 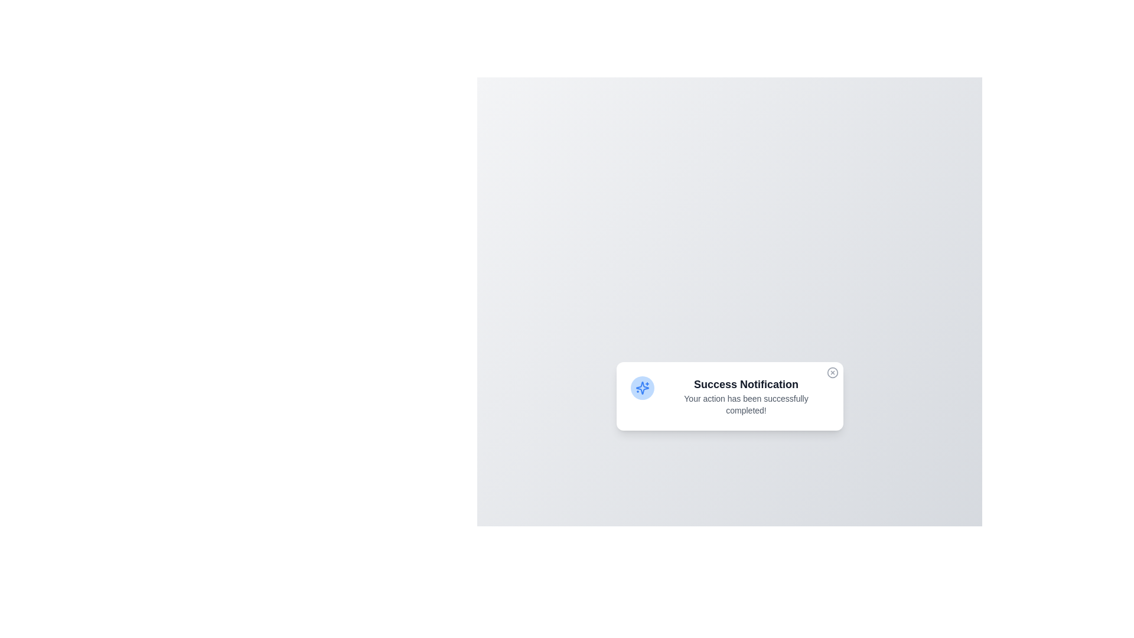 I want to click on the notification icon to interact with it, so click(x=641, y=388).